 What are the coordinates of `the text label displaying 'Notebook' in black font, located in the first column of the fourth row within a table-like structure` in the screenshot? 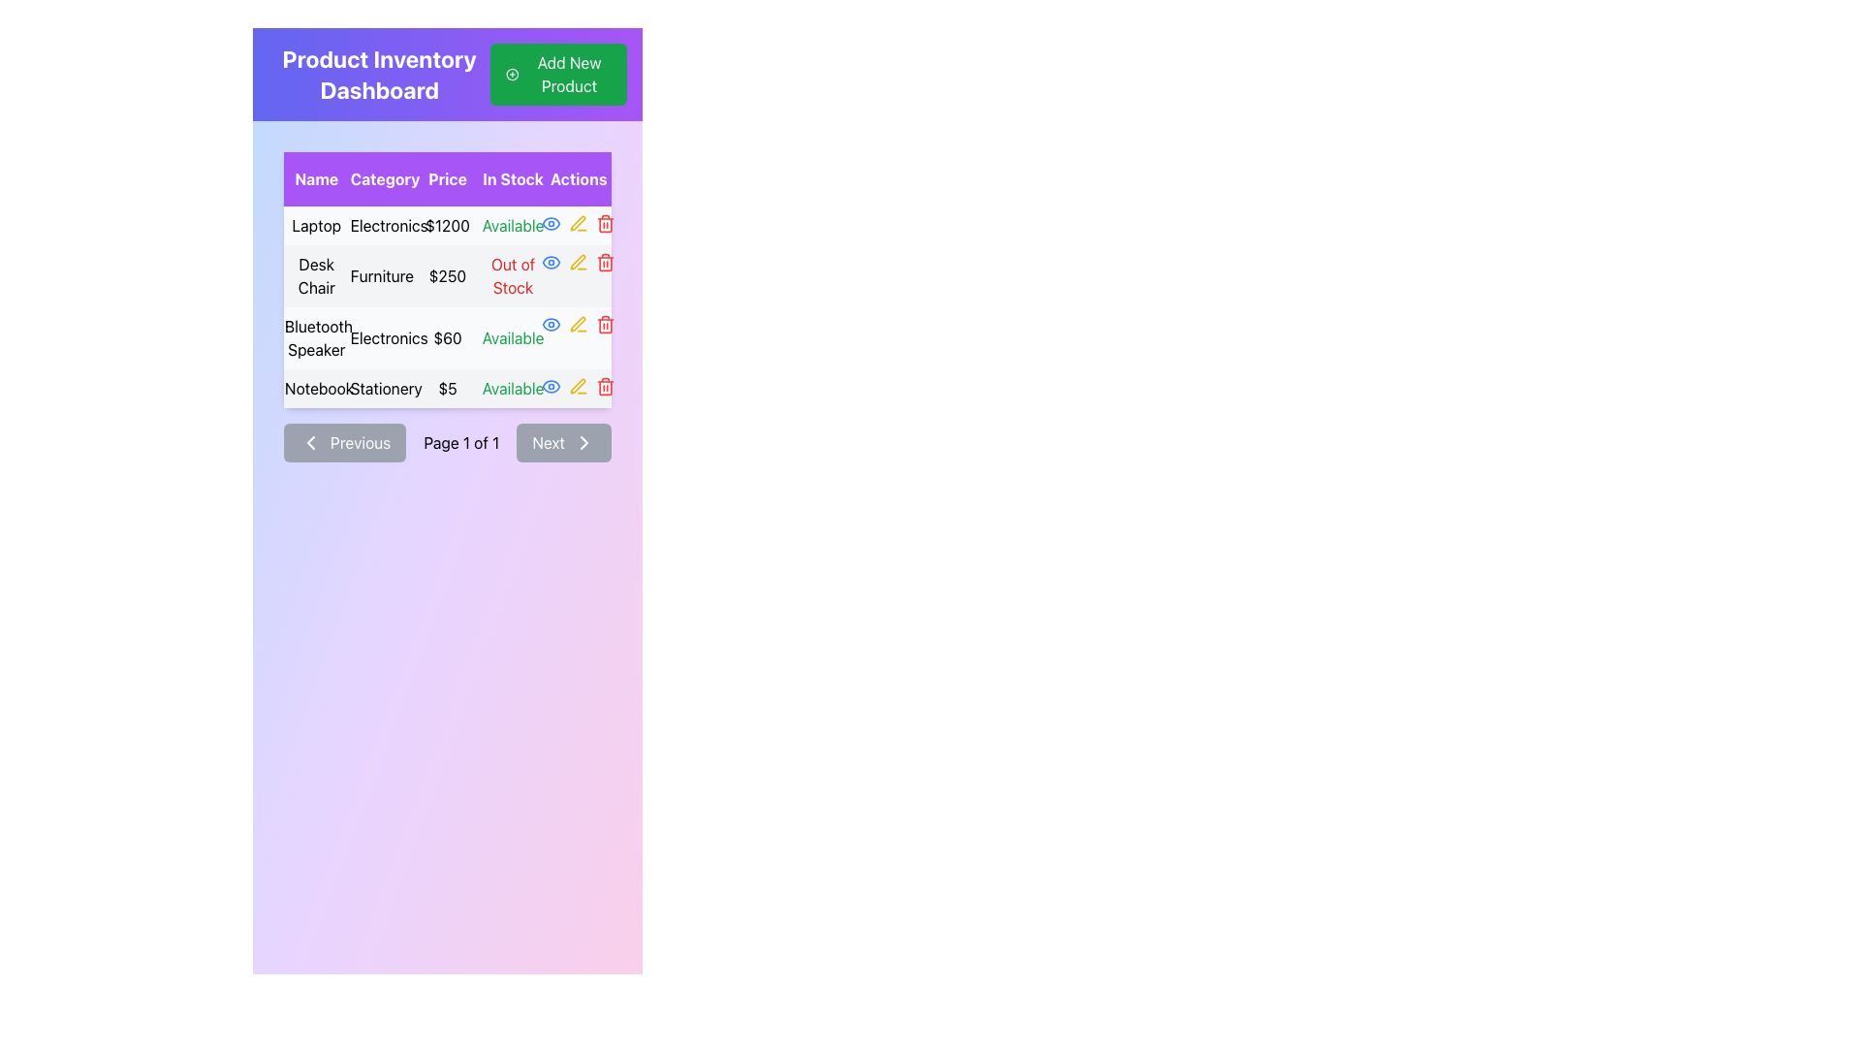 It's located at (316, 389).